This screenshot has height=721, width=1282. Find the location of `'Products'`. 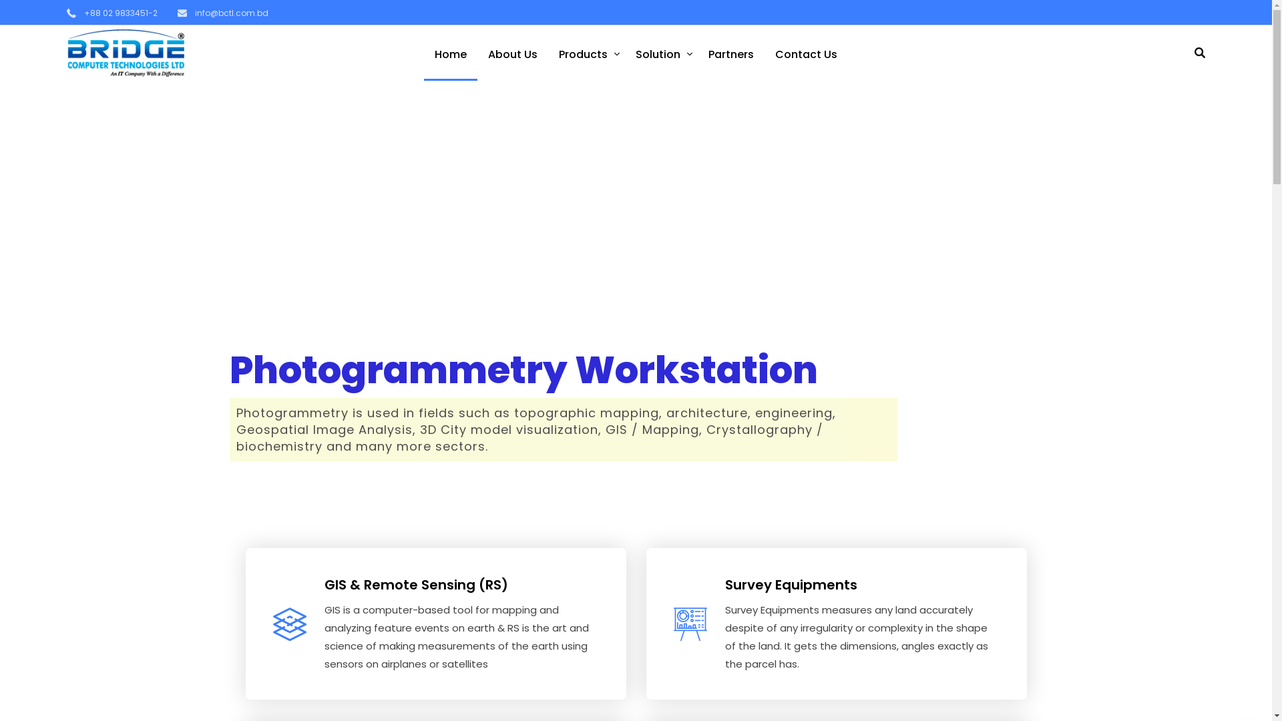

'Products' is located at coordinates (586, 52).